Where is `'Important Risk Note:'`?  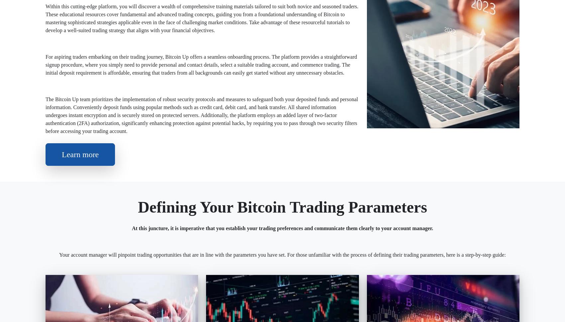 'Important Risk Note:' is located at coordinates (69, 217).